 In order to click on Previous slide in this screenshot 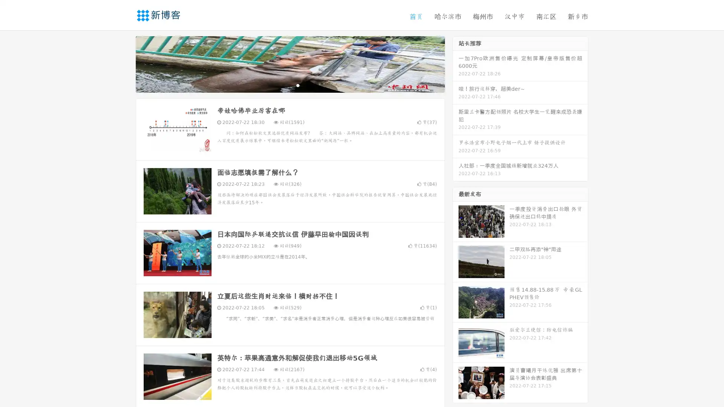, I will do `click(124, 63)`.